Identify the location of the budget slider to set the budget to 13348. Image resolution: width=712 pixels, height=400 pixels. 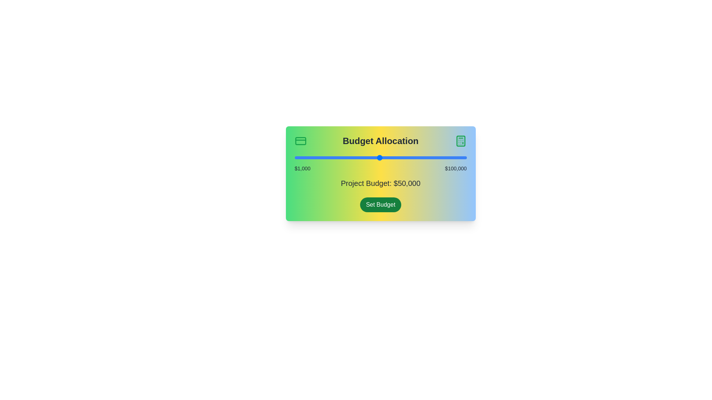
(316, 157).